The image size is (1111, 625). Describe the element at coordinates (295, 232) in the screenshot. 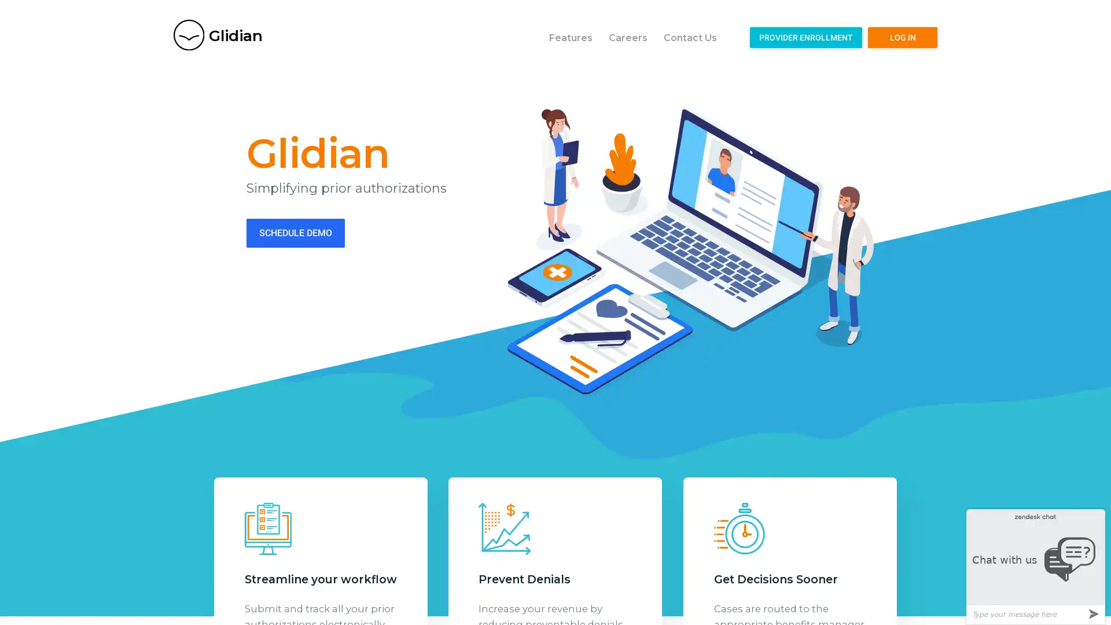

I see `SCHEDULE DEMO` at that location.